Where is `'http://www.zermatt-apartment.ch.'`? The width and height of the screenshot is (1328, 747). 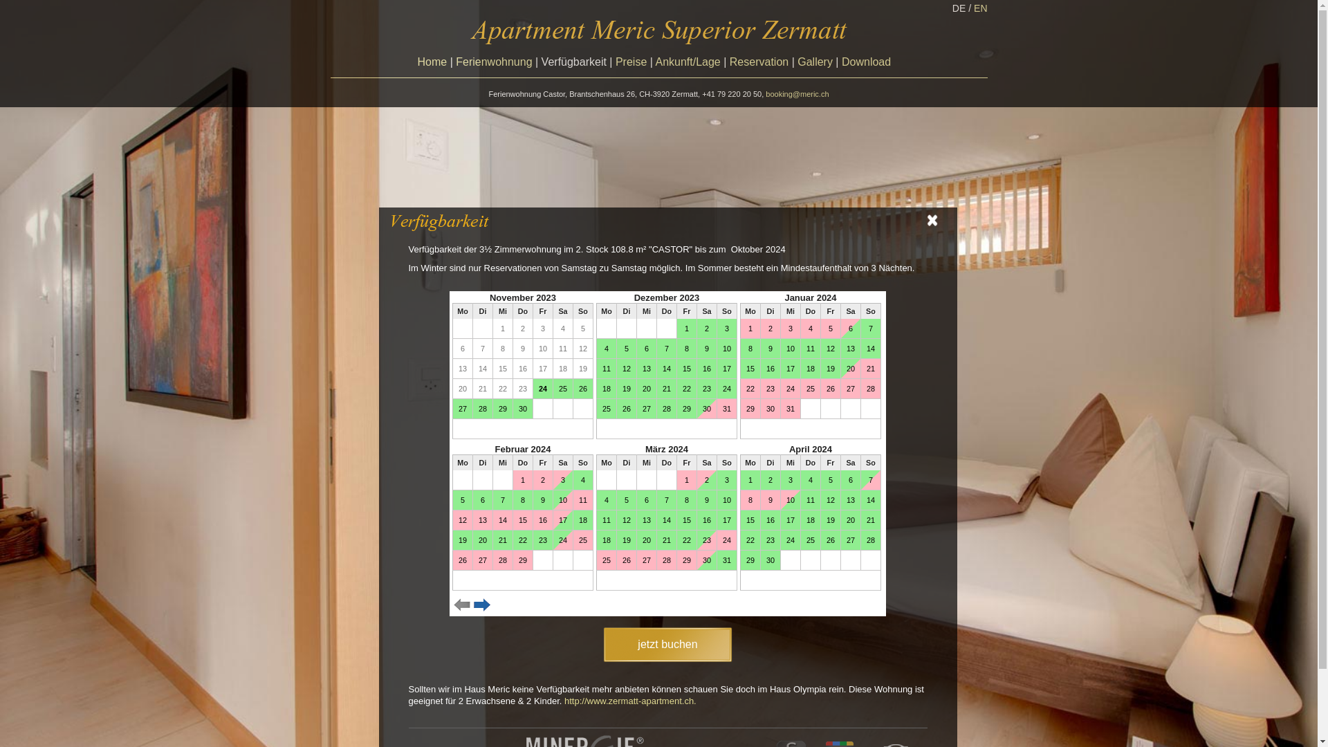
'http://www.zermatt-apartment.ch.' is located at coordinates (629, 701).